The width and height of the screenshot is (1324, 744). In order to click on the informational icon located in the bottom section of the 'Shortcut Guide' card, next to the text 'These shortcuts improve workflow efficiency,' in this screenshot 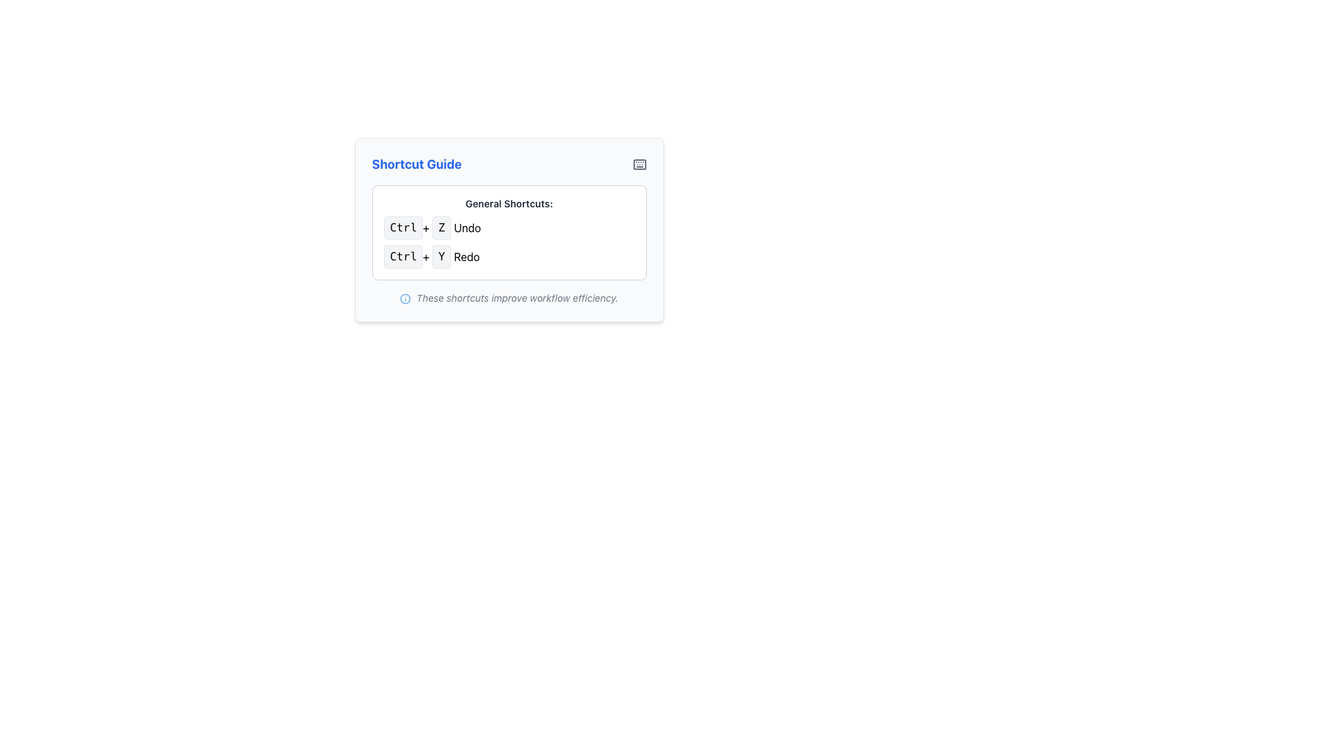, I will do `click(405, 298)`.